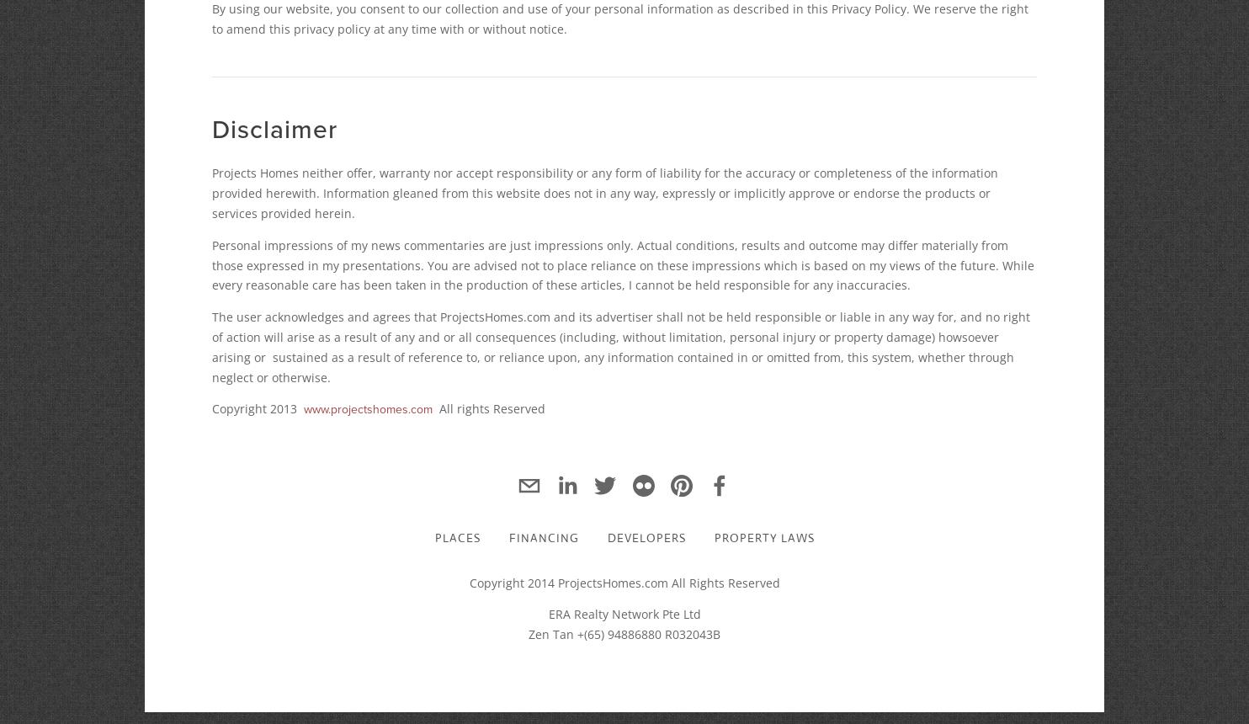 The width and height of the screenshot is (1249, 724). Describe the element at coordinates (624, 582) in the screenshot. I see `'Copyright 2014 ProjectsHomes.com All Rights Reserved'` at that location.